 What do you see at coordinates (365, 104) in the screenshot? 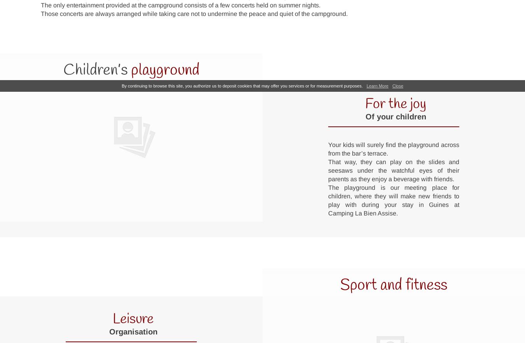
I see `'For the joy'` at bounding box center [365, 104].